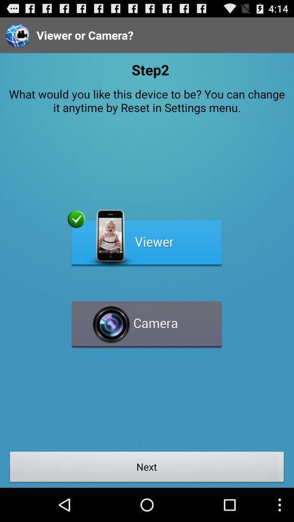 Image resolution: width=294 pixels, height=522 pixels. What do you see at coordinates (146, 238) in the screenshot?
I see `in recording in progress` at bounding box center [146, 238].